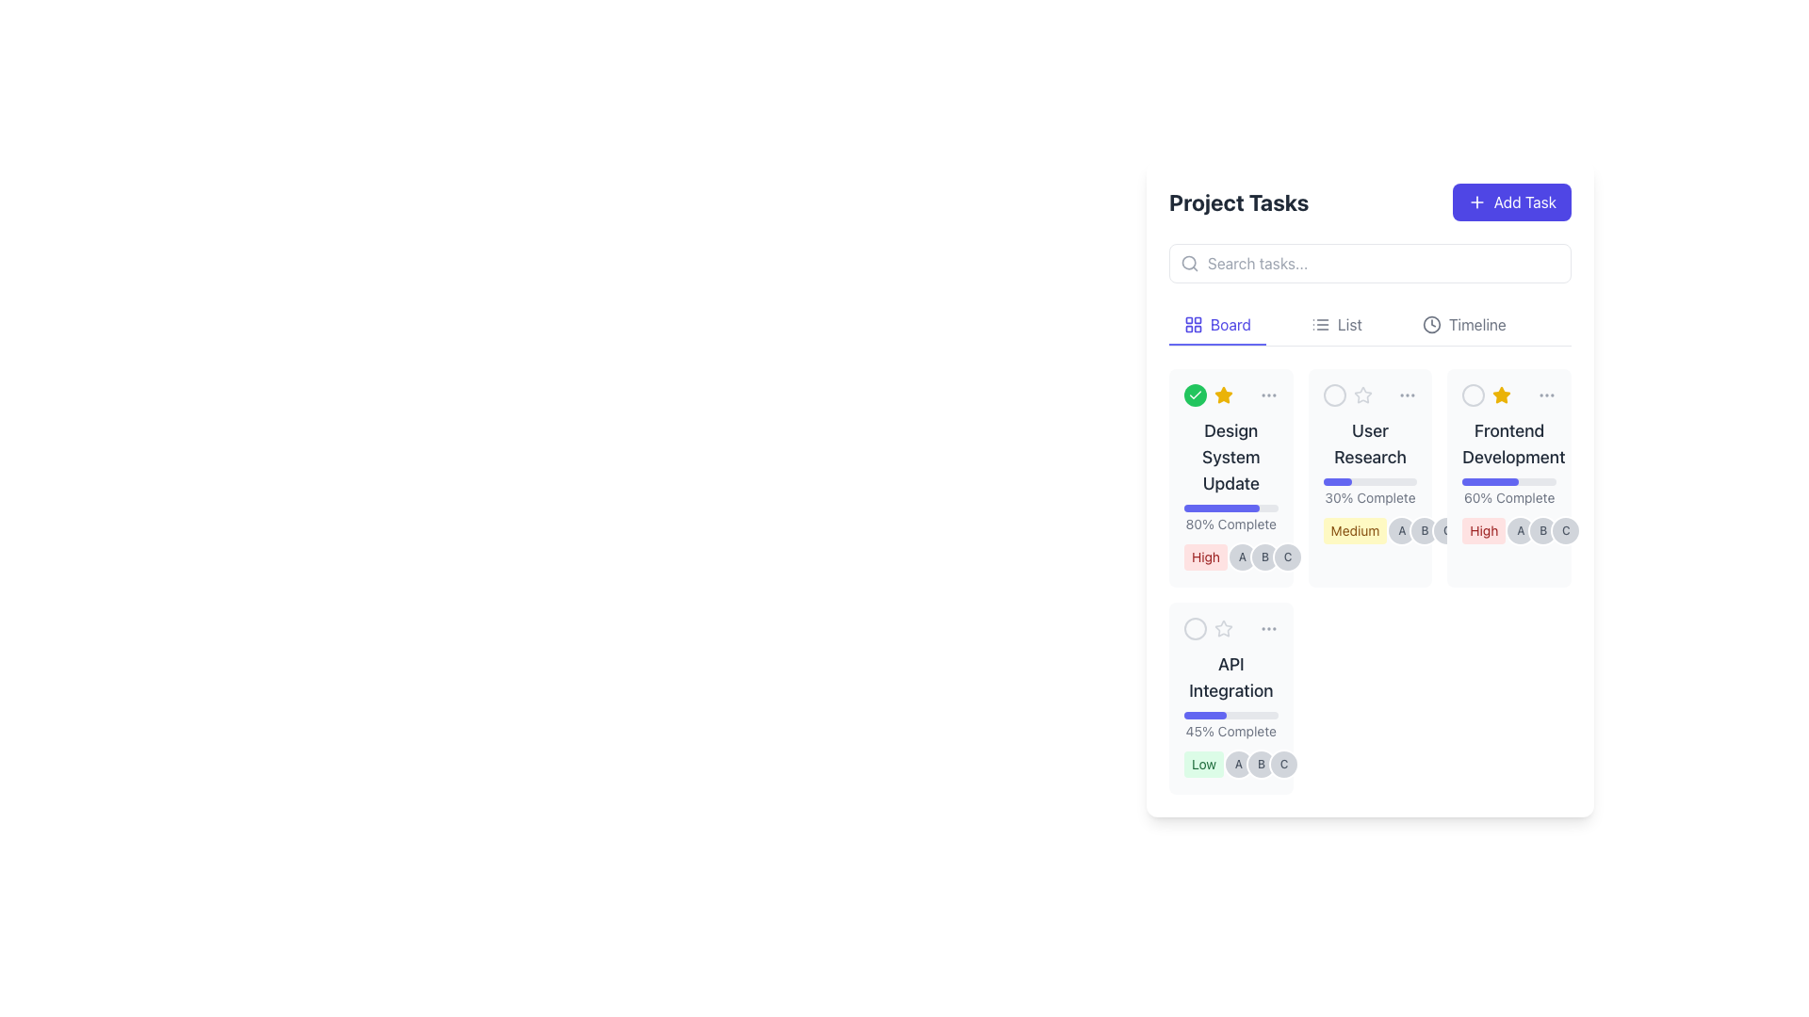  What do you see at coordinates (1230, 458) in the screenshot?
I see `the task card using the title text label located at the top-center of the first task card under the 'Project Tasks' section` at bounding box center [1230, 458].